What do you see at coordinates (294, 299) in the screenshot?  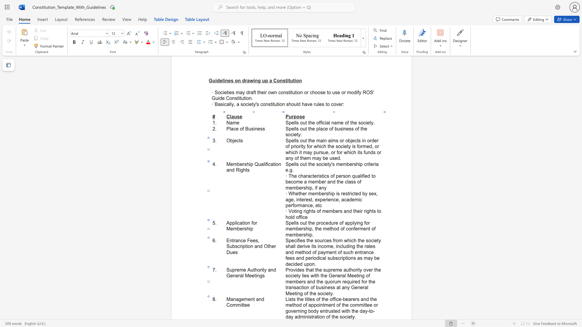 I see `the 2th character "s" in the text` at bounding box center [294, 299].